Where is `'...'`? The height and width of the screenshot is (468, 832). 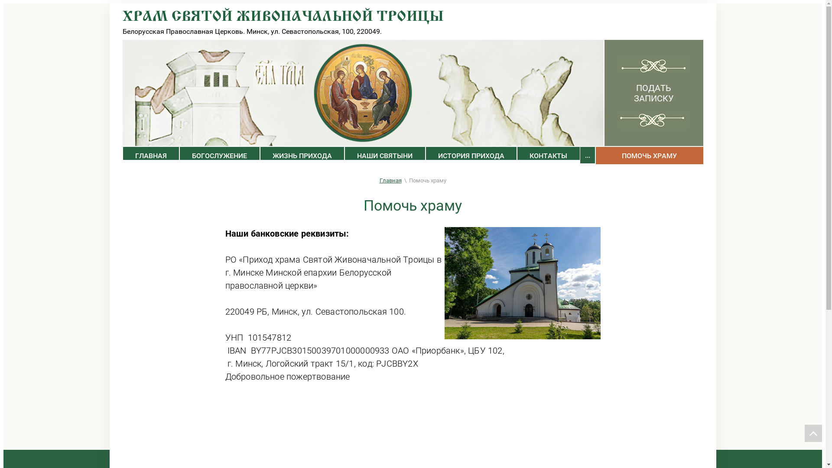
'...' is located at coordinates (588, 155).